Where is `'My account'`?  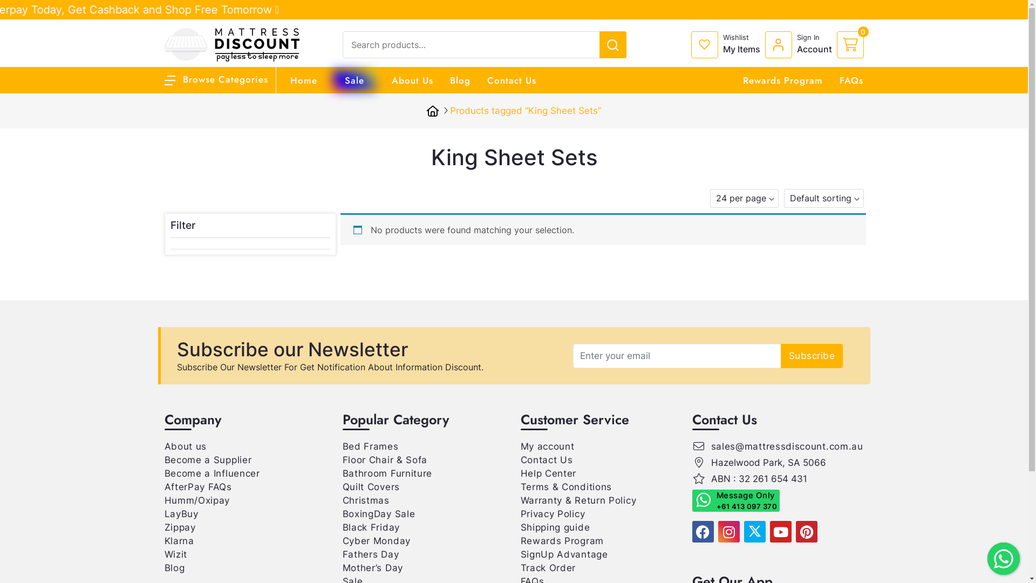 'My account' is located at coordinates (547, 446).